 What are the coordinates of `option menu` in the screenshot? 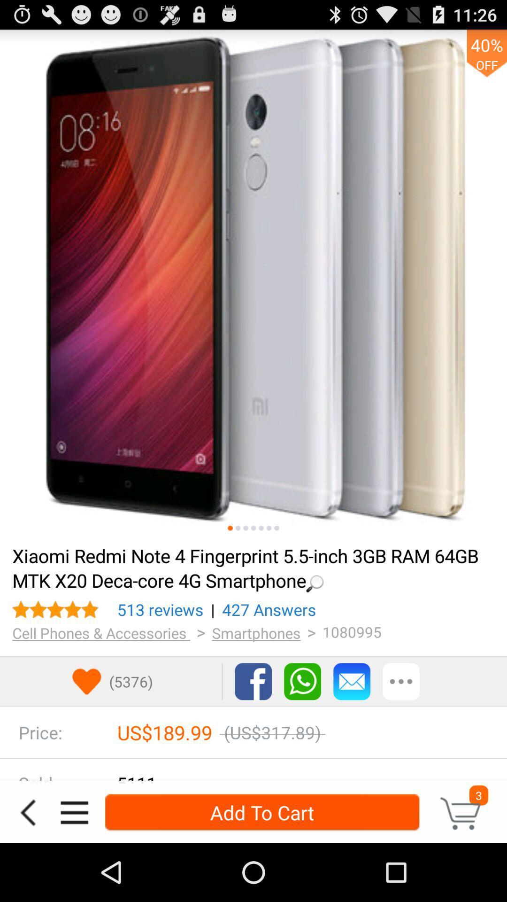 It's located at (74, 812).